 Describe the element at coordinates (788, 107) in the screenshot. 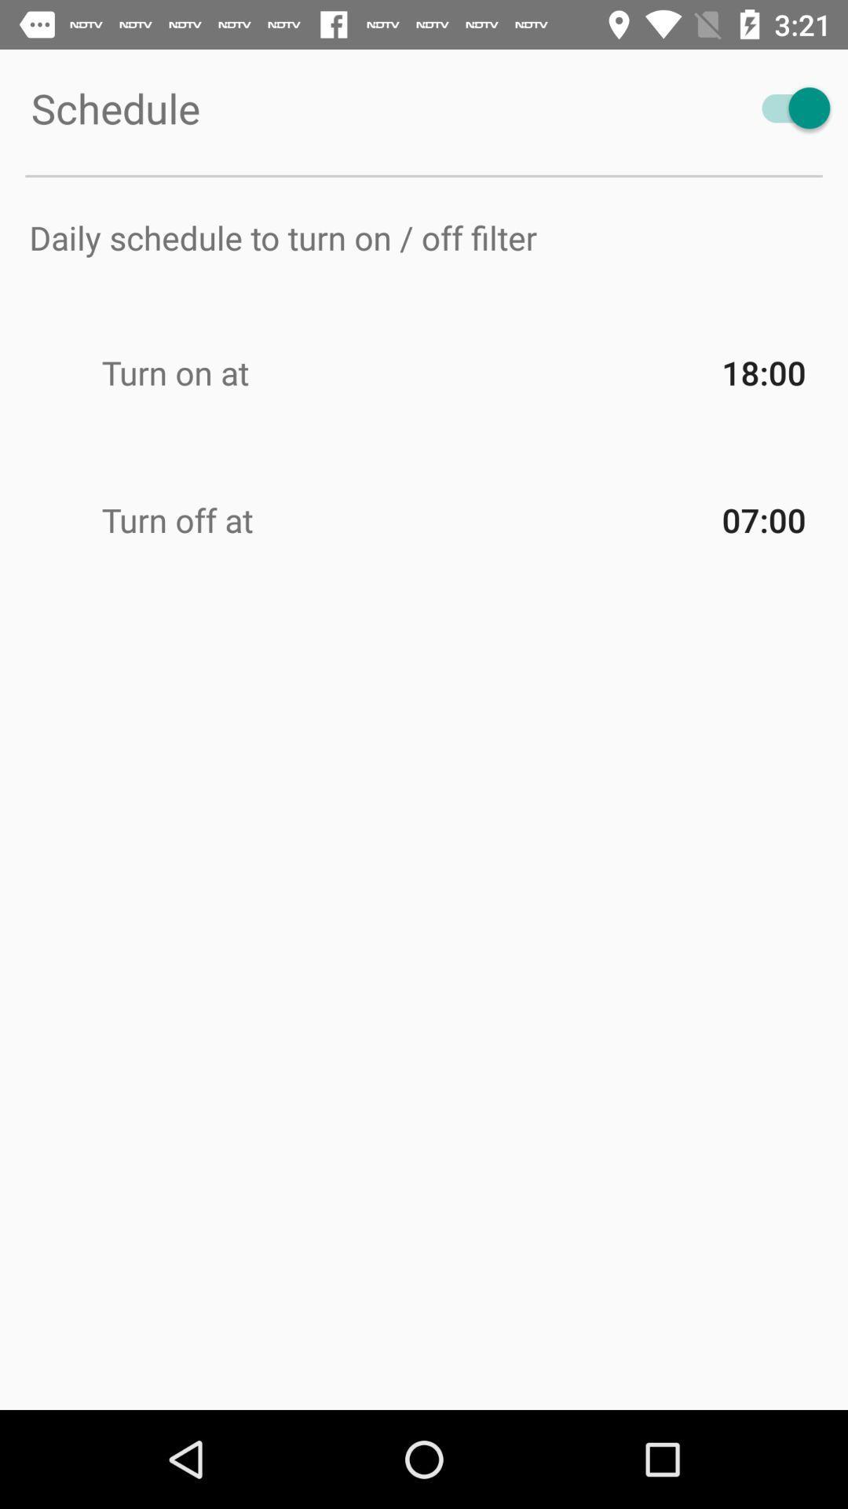

I see `the item next to the schedule icon` at that location.